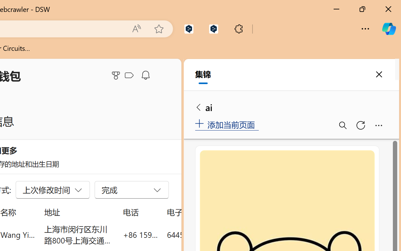 Image resolution: width=401 pixels, height=251 pixels. I want to click on 'Copilot (Ctrl+Shift+.)', so click(388, 29).